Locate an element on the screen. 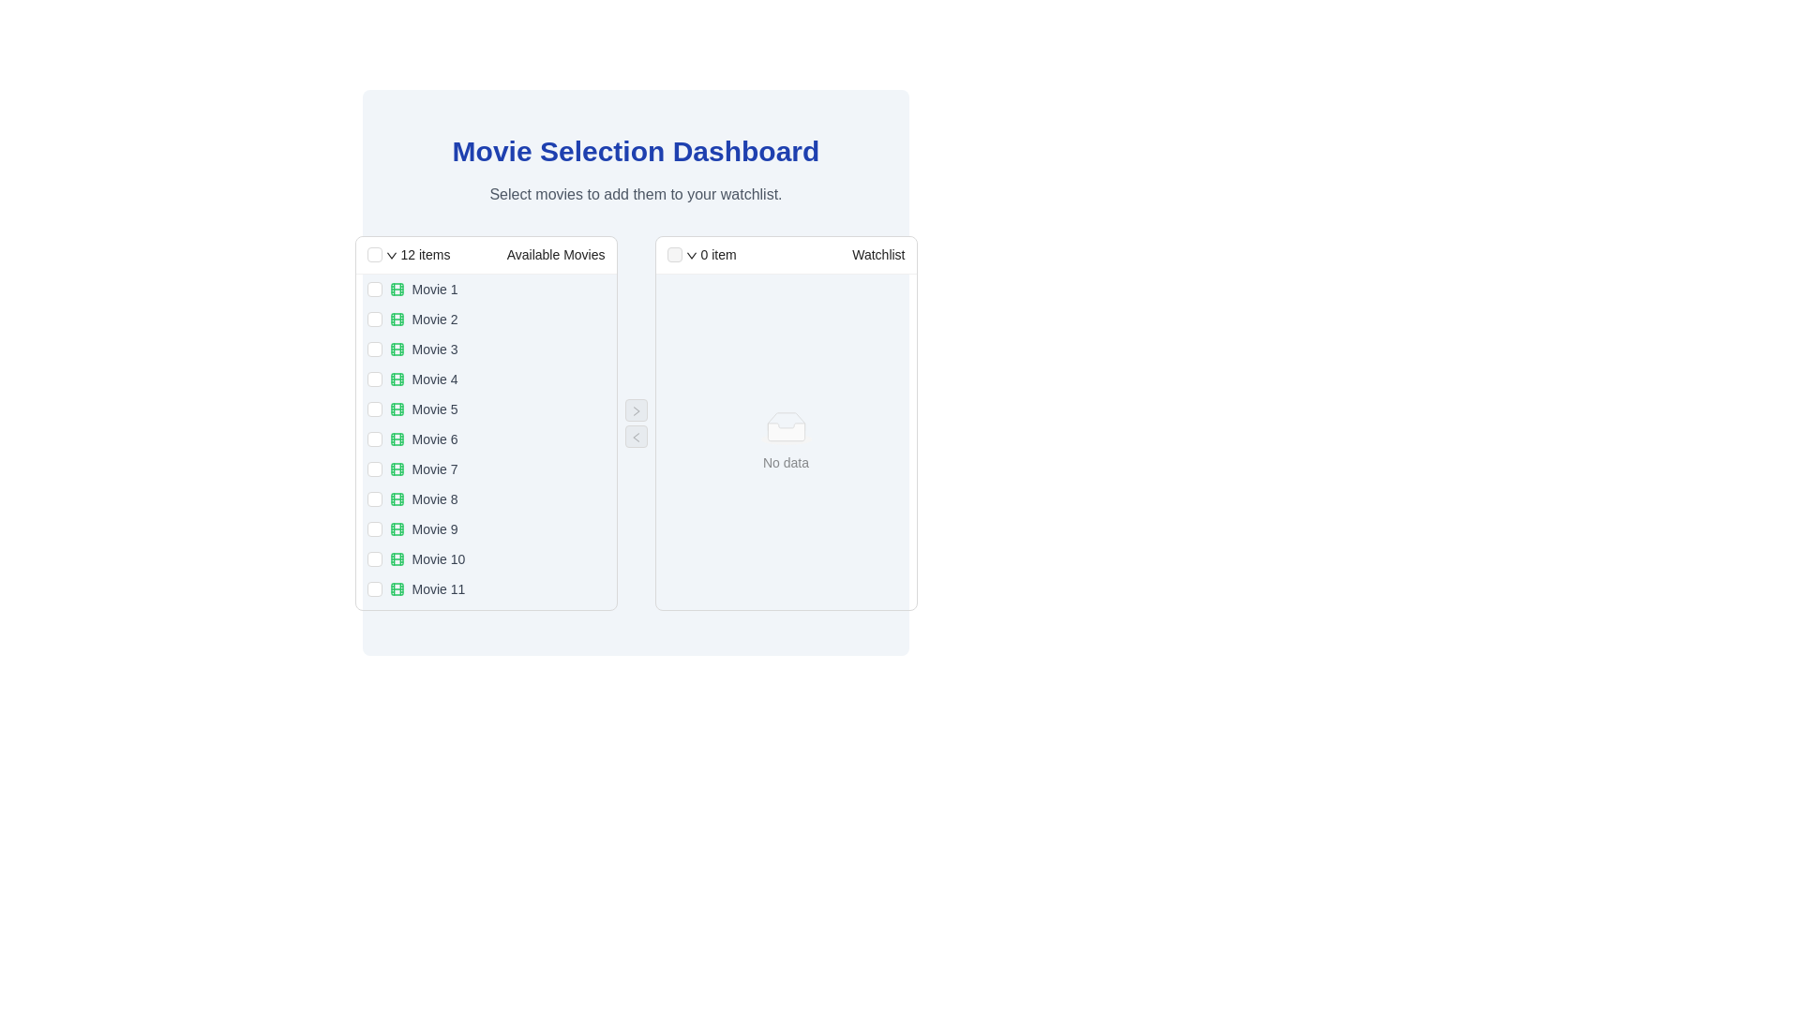  the list item labeled 'Movie 8' which is the eighth entry in the 'Available Movies' list, located on the left side of the interface is located at coordinates (486, 498).